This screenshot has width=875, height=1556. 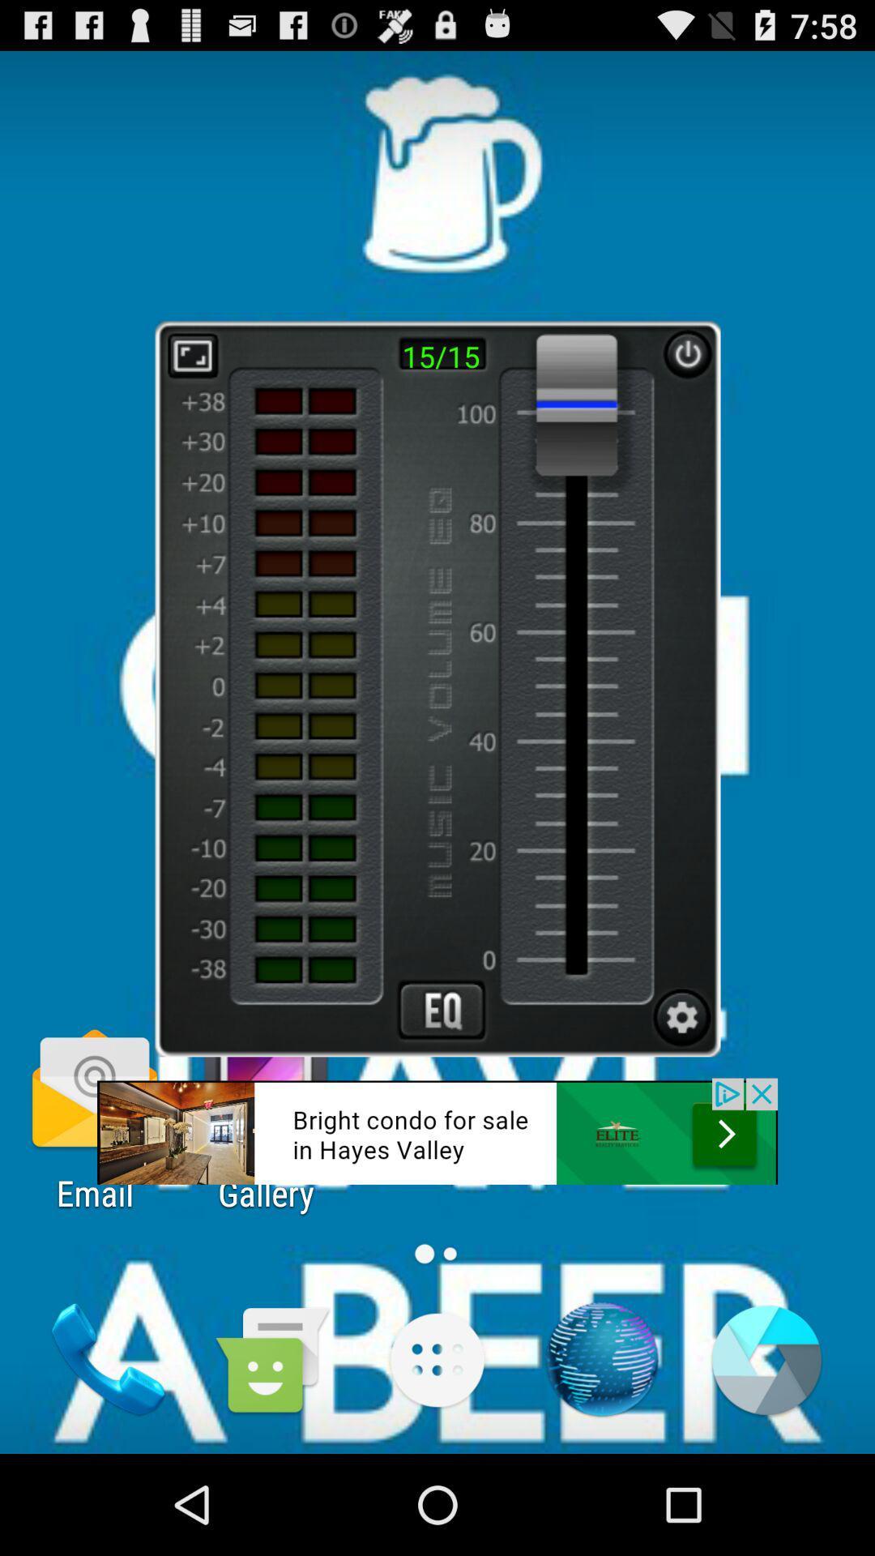 What do you see at coordinates (442, 1009) in the screenshot?
I see `eq` at bounding box center [442, 1009].